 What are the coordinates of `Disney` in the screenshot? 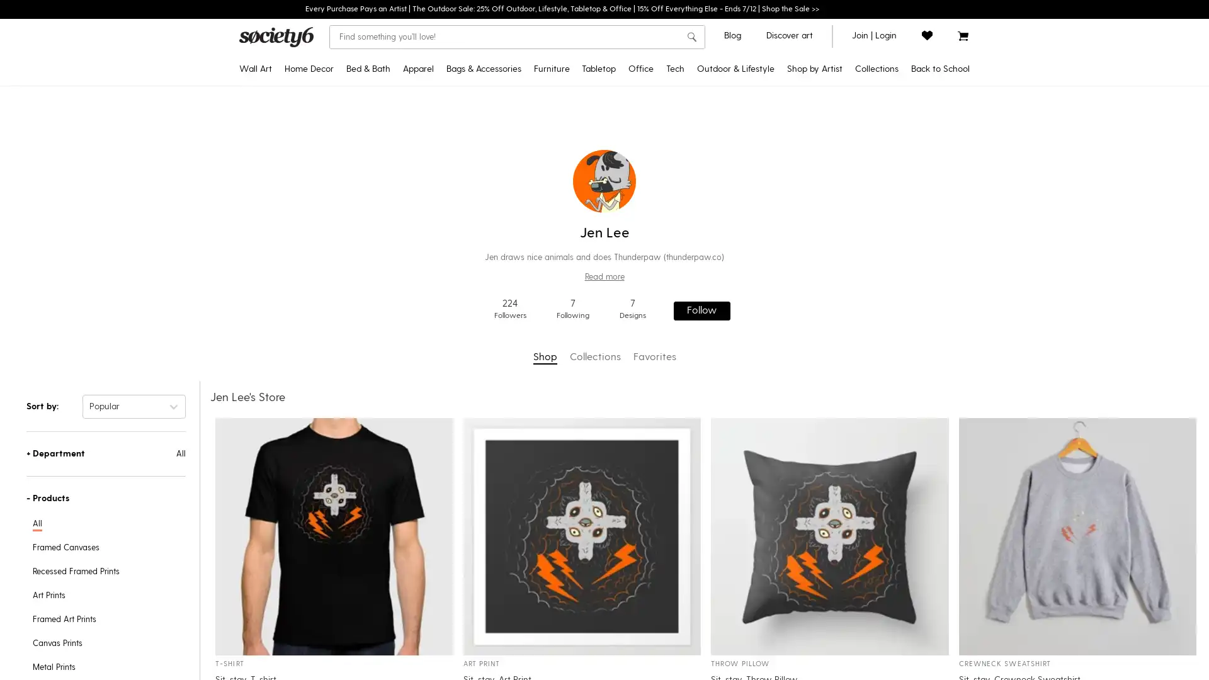 It's located at (780, 101).